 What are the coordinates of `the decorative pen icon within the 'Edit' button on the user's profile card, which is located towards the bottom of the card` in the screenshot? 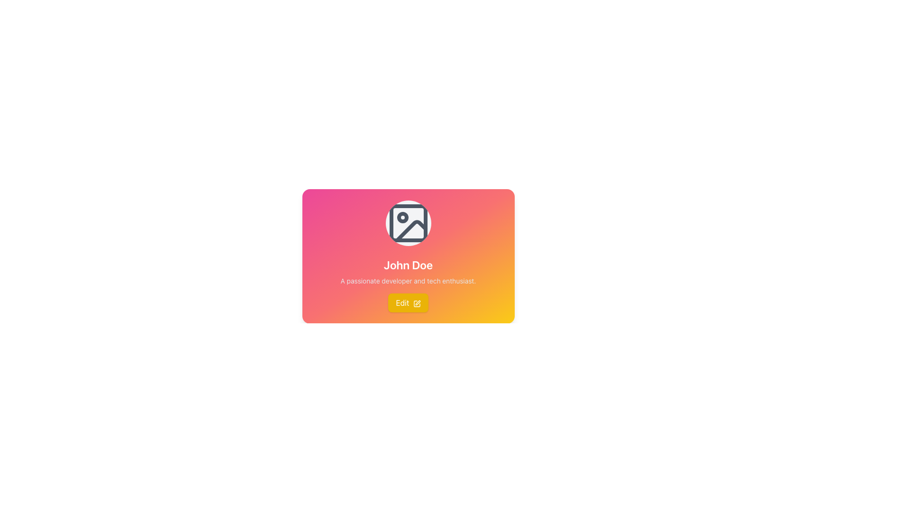 It's located at (417, 303).